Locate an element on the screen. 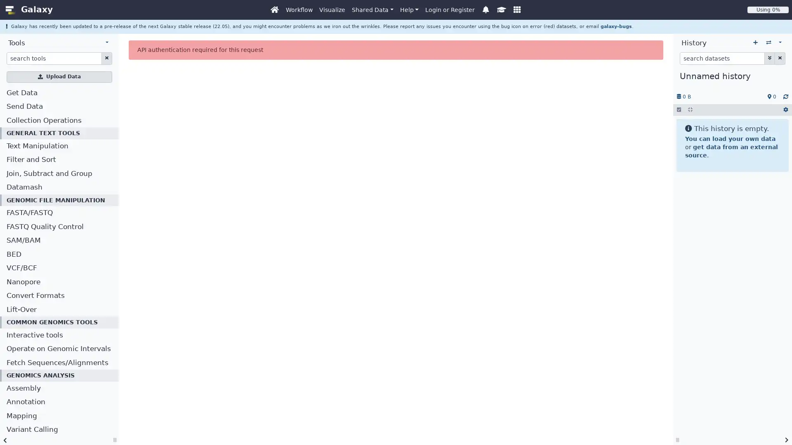 The height and width of the screenshot is (445, 792). Select Items is located at coordinates (679, 109).